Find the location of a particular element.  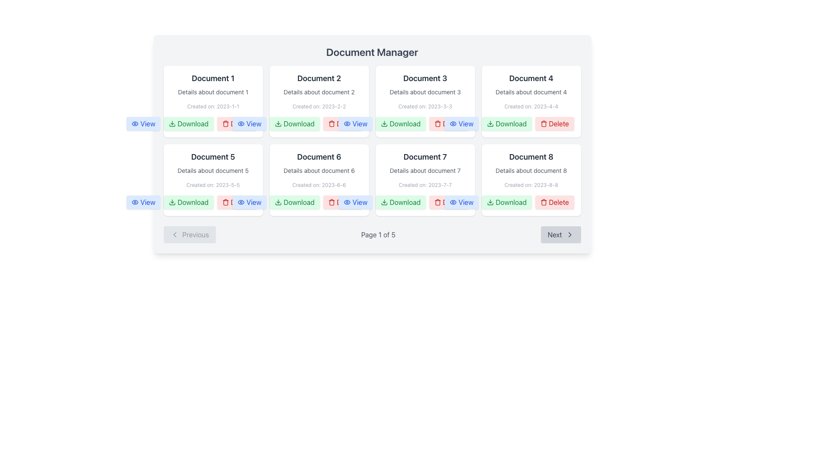

the green download icon, which is a downward arrow with a horizontal bar beneath it, located in the second column of the top row in the grid of documents, associated with 'Document 2' is located at coordinates (278, 123).